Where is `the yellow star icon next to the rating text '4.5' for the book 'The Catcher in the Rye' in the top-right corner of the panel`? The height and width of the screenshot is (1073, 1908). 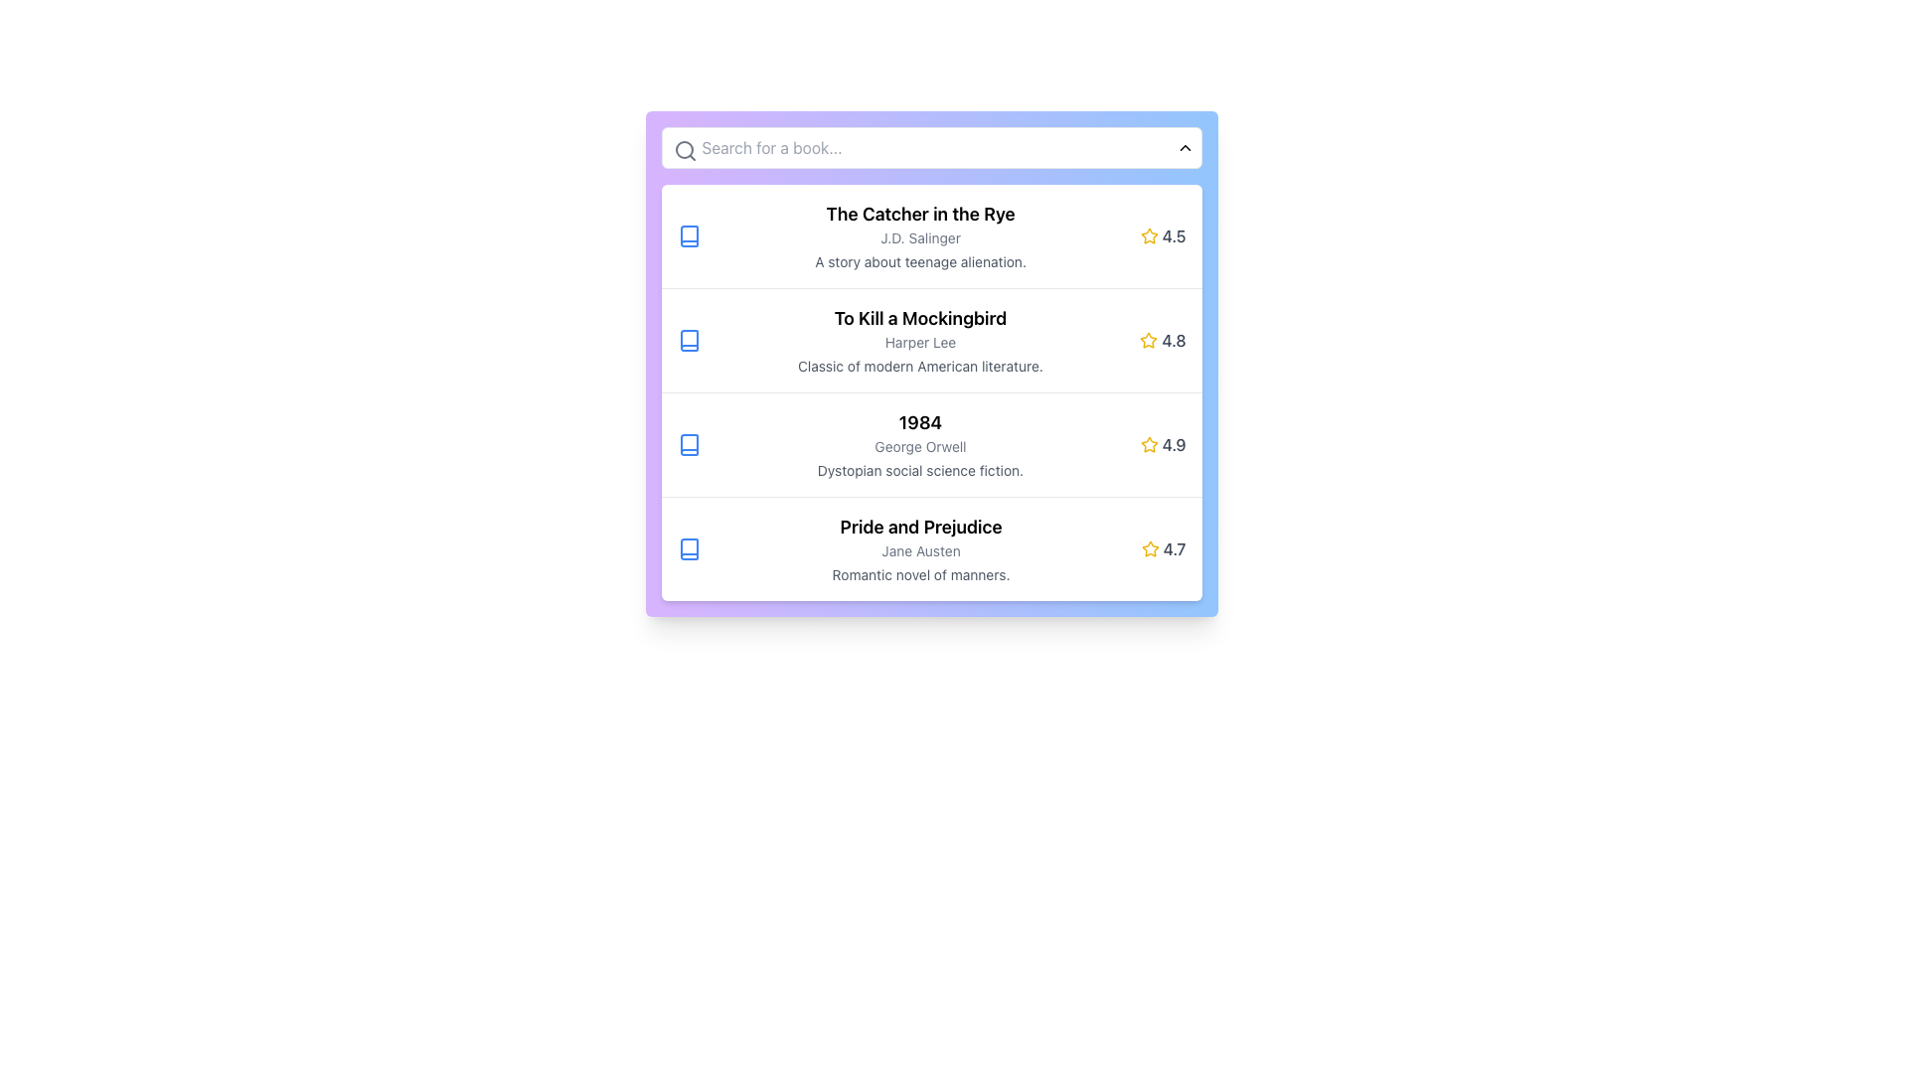
the yellow star icon next to the rating text '4.5' for the book 'The Catcher in the Rye' in the top-right corner of the panel is located at coordinates (1149, 235).